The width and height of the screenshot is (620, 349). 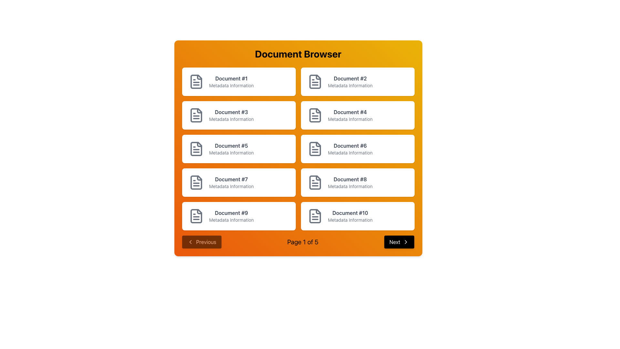 I want to click on the SVG-based icon representing 'Document #7' which is visually identified as a file or document icon, positioned within the card for 'Document #7', so click(x=196, y=182).